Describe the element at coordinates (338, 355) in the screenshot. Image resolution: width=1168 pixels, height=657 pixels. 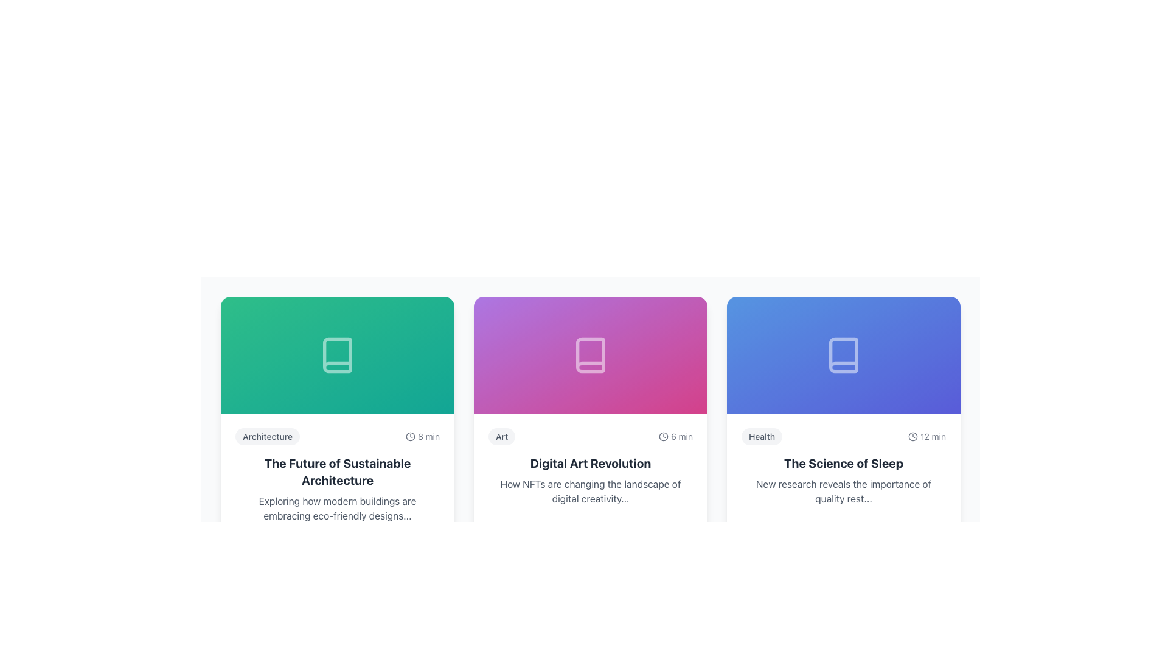
I see `the Decorative Section at the top of the card that represents the content category, which is located above the text 'The Future of Sustainable Architecture' and the category 'Architecture'` at that location.